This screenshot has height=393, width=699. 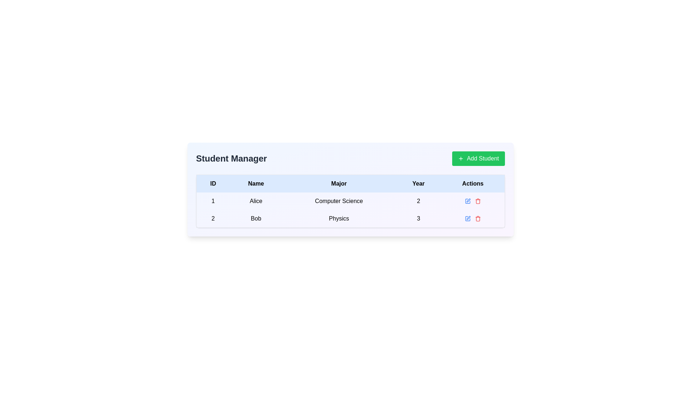 I want to click on the edit button located in the 'Actions' column of the second row of the table to initiate editing, so click(x=467, y=218).